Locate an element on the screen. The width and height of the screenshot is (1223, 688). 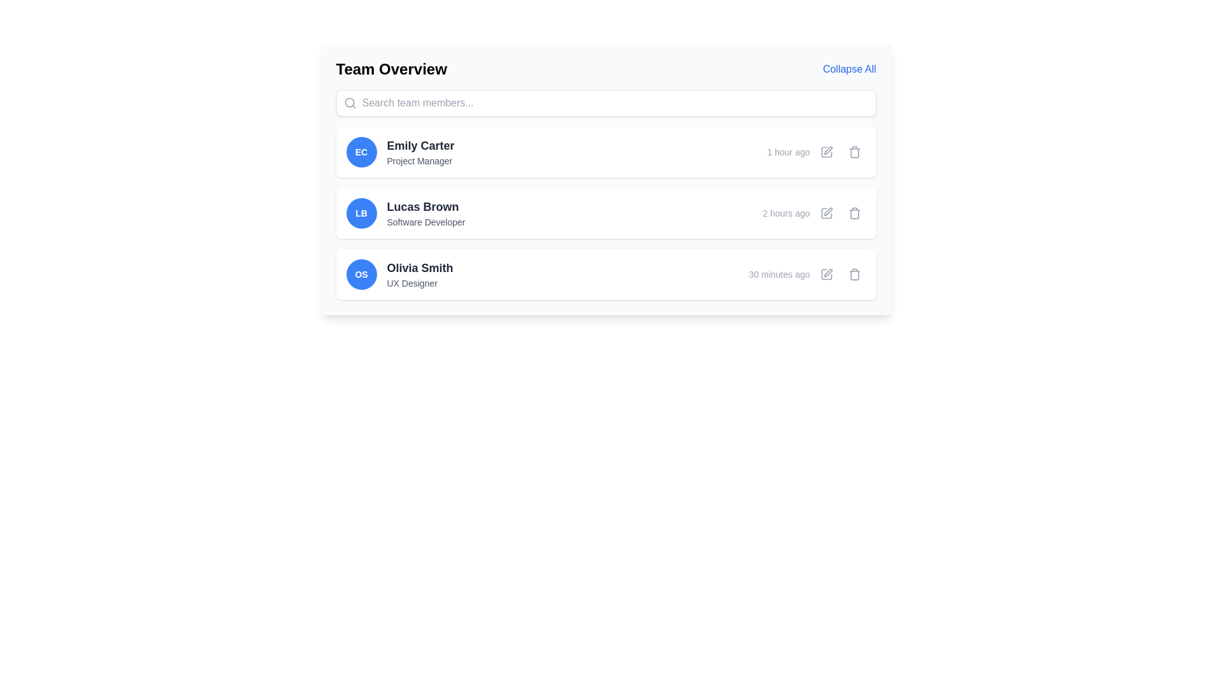
the Profile entry component displaying information for 'Olivia Smith', a UX Designer is located at coordinates (399, 274).